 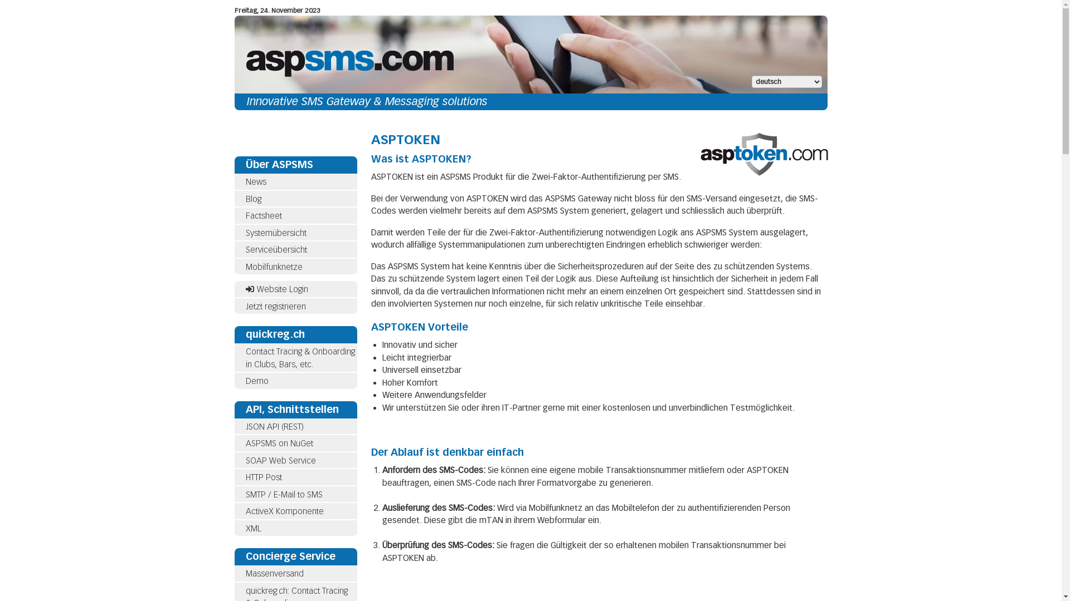 What do you see at coordinates (299, 358) in the screenshot?
I see `'Contact Tracing & Onboarding` at bounding box center [299, 358].